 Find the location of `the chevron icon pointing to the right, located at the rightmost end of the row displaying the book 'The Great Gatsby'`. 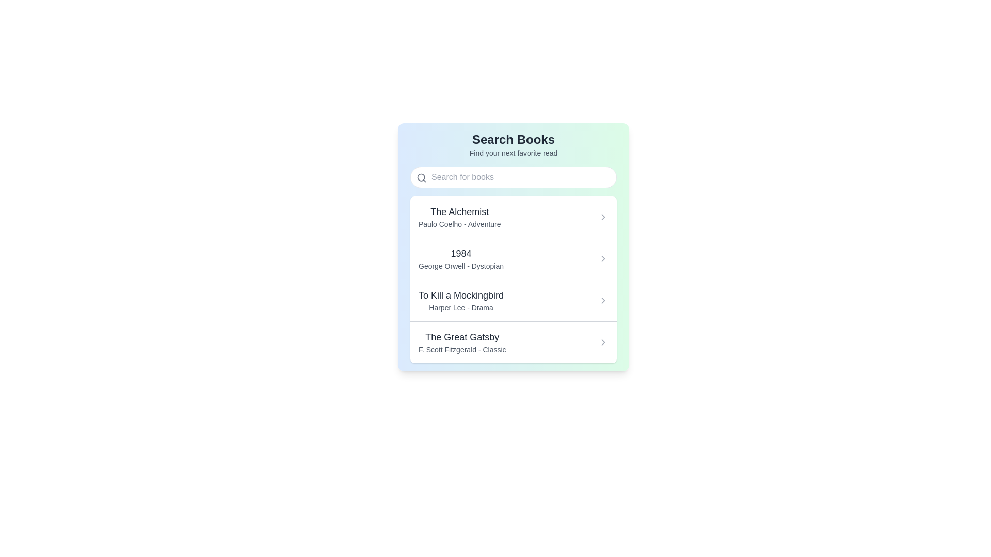

the chevron icon pointing to the right, located at the rightmost end of the row displaying the book 'The Great Gatsby' is located at coordinates (603, 342).